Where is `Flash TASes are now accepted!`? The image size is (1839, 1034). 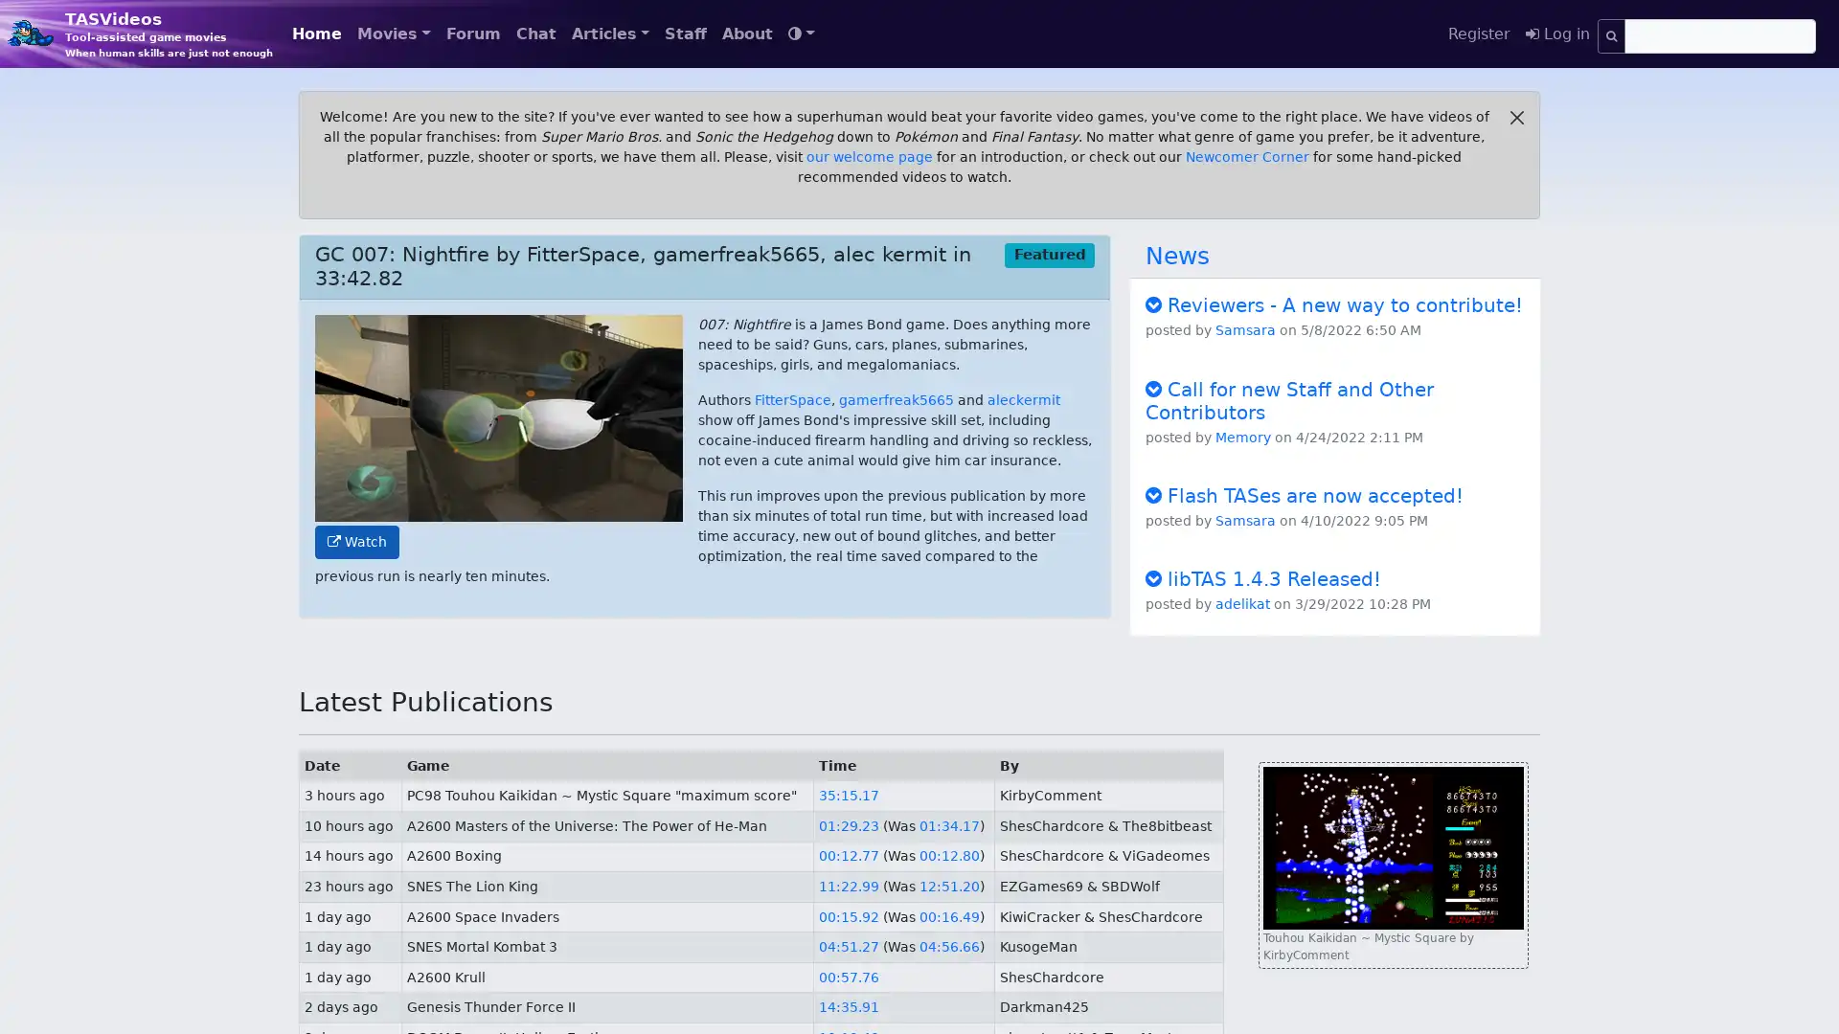
Flash TASes are now accepted! is located at coordinates (1304, 493).